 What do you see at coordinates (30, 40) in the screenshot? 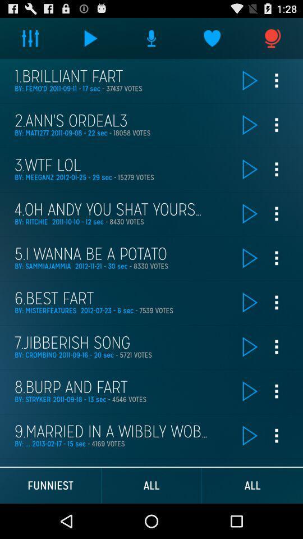
I see `the sliders icon` at bounding box center [30, 40].